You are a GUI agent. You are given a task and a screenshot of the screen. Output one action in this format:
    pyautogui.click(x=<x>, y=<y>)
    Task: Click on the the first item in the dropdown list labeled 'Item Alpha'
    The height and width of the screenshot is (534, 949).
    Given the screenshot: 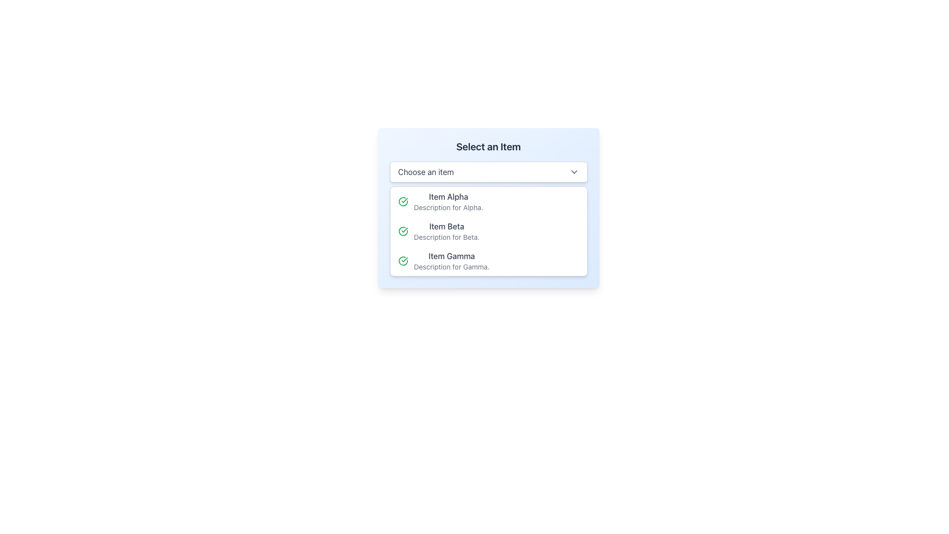 What is the action you would take?
    pyautogui.click(x=448, y=201)
    